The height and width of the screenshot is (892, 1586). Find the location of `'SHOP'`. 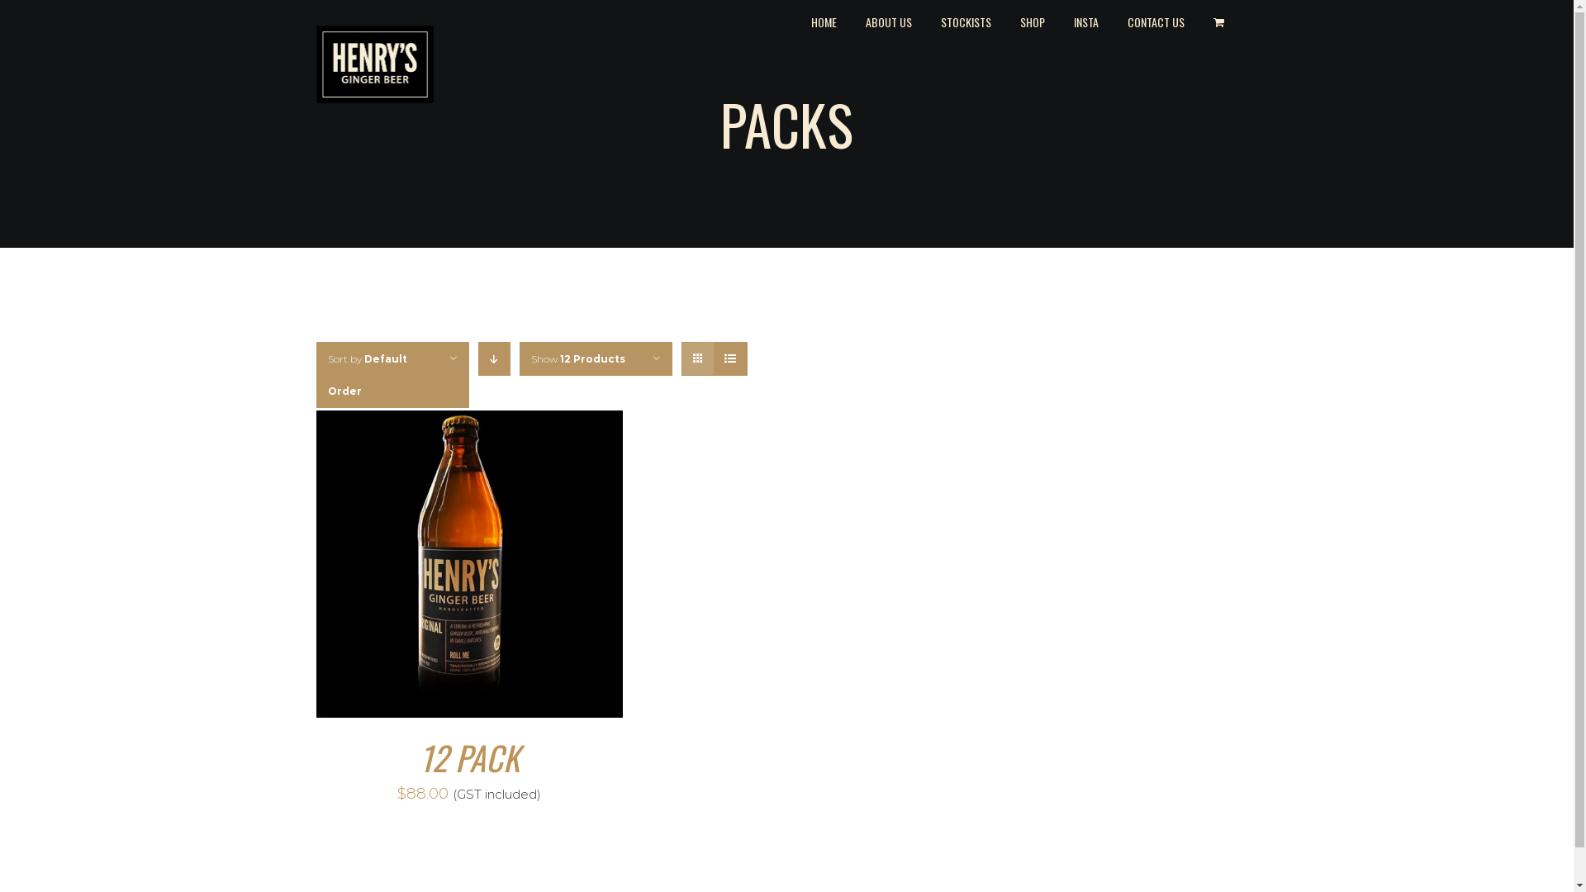

'SHOP' is located at coordinates (1030, 20).